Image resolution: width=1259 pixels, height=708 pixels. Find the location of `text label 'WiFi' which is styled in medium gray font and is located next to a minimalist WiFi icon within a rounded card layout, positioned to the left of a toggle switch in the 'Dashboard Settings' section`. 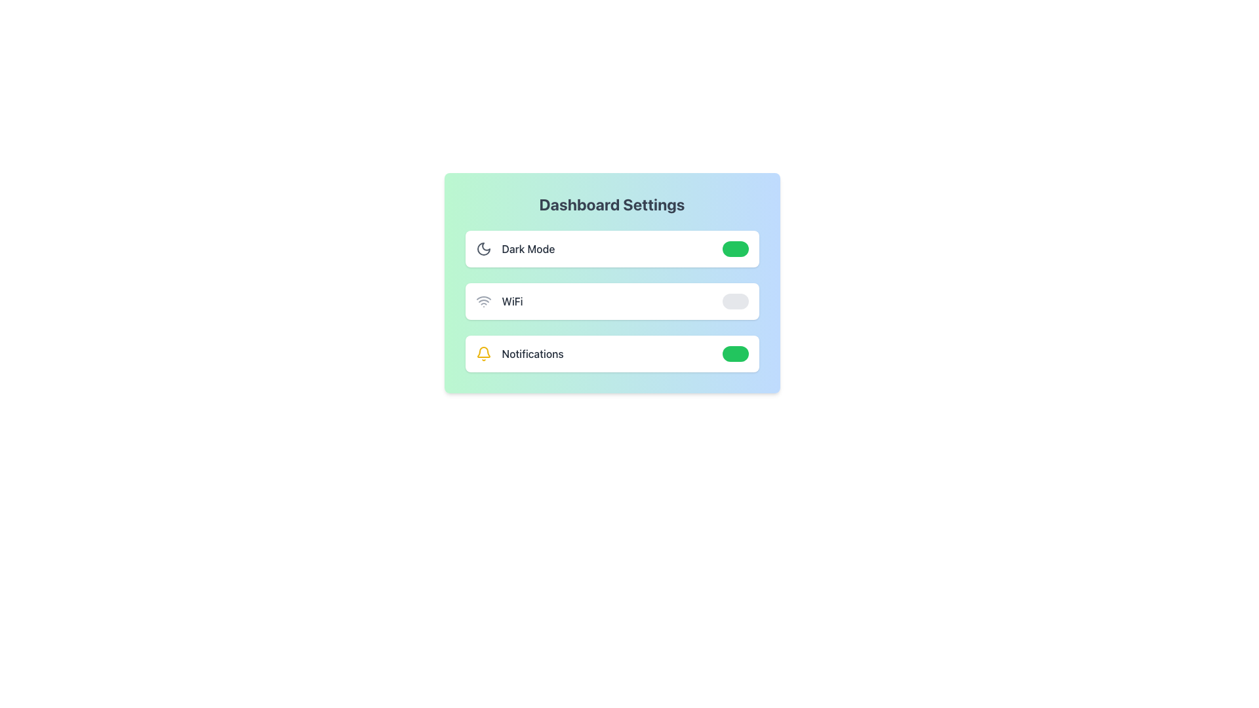

text label 'WiFi' which is styled in medium gray font and is located next to a minimalist WiFi icon within a rounded card layout, positioned to the left of a toggle switch in the 'Dashboard Settings' section is located at coordinates (498, 301).